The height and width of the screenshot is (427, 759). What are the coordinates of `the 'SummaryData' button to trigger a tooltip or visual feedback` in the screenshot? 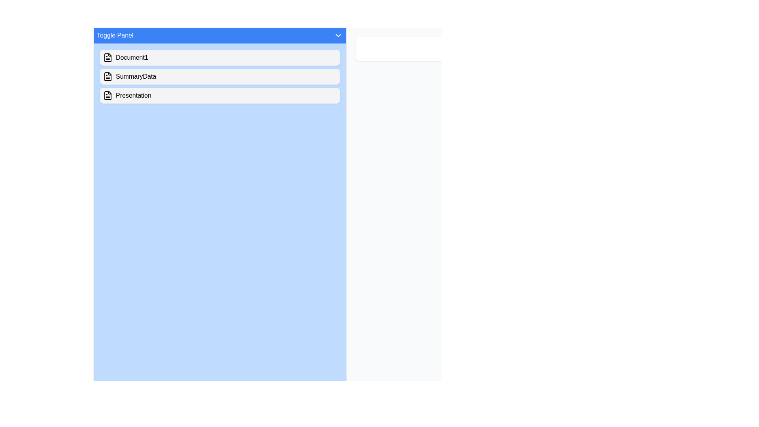 It's located at (136, 76).